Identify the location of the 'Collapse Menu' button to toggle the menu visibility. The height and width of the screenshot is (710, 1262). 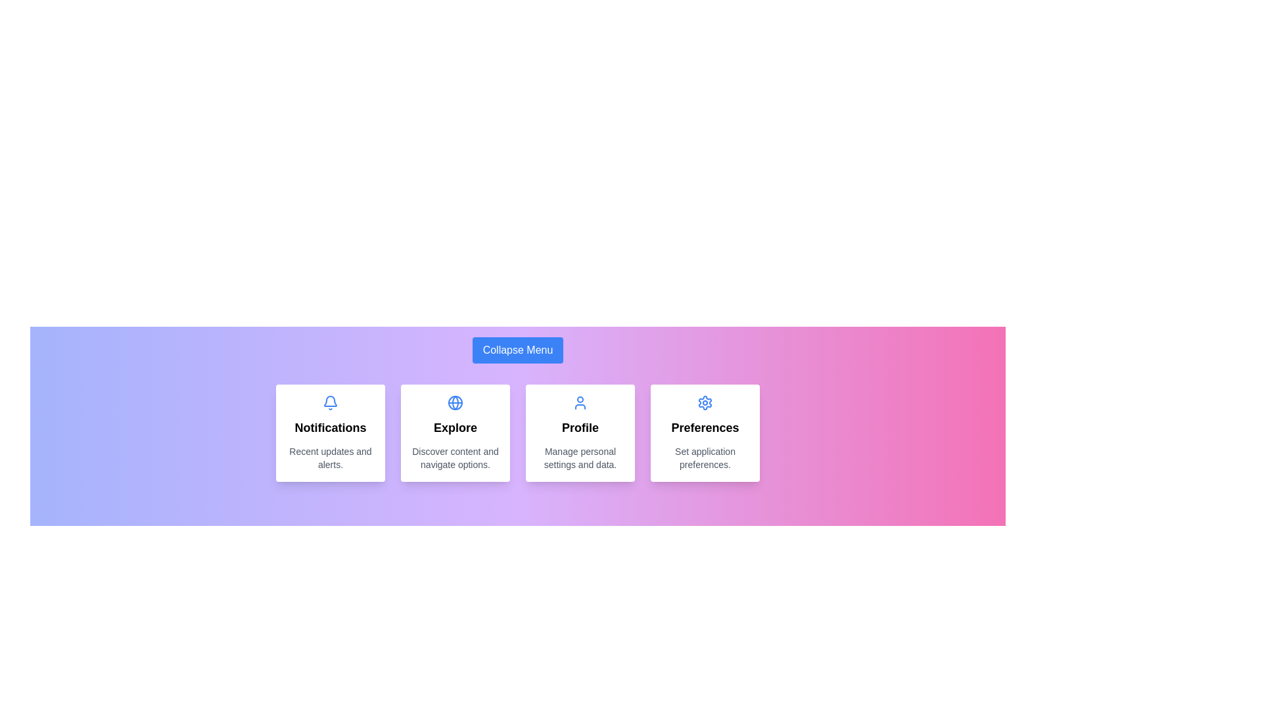
(517, 349).